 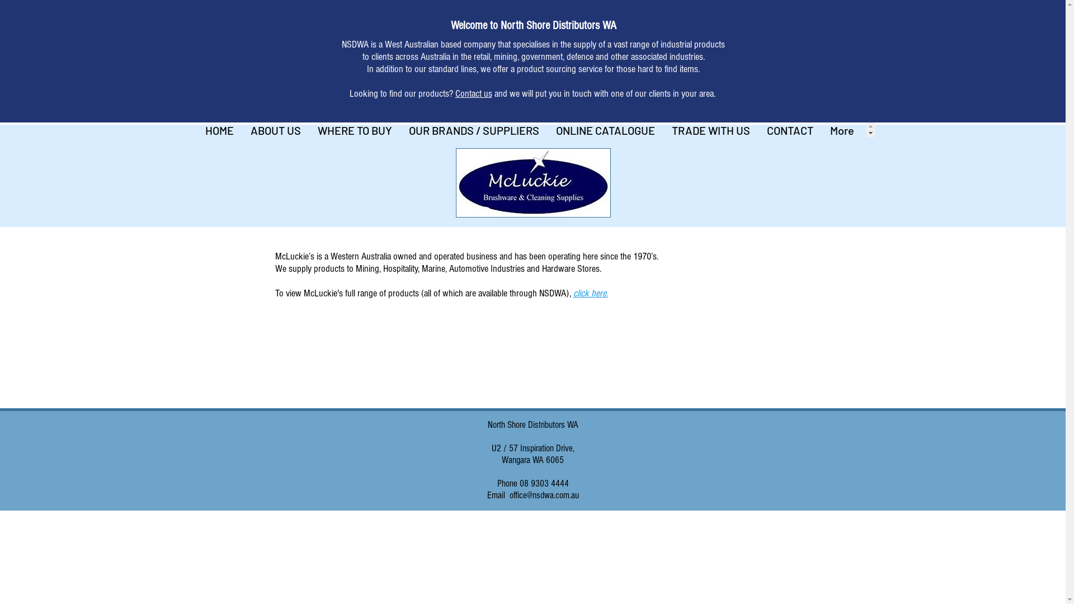 I want to click on 'WHERE TO BUY', so click(x=354, y=129).